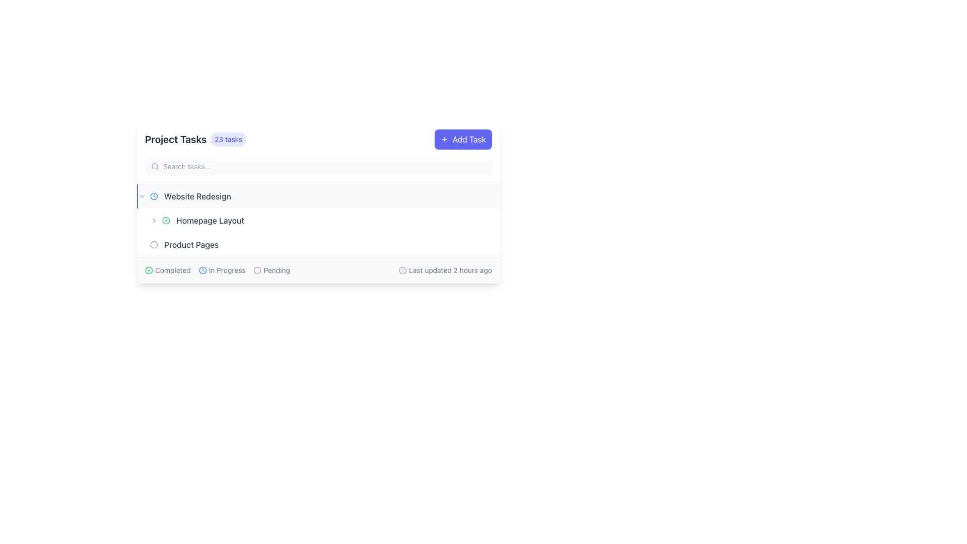  I want to click on the user identification icon located at the top-left corner of the section labeled 'Mike Ross', which is positioned to the left of the name text, so click(361, 220).